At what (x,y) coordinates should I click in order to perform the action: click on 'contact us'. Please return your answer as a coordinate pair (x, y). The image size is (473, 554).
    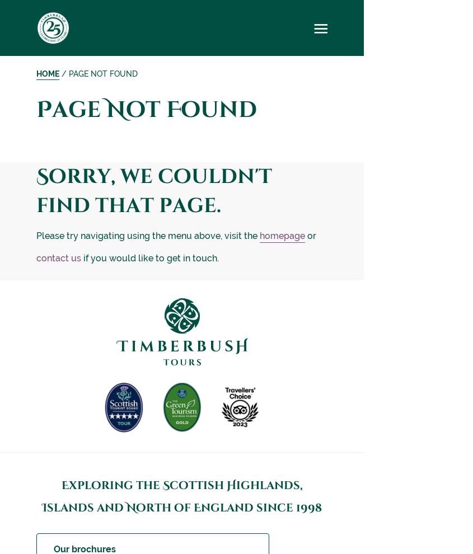
    Looking at the image, I should click on (59, 258).